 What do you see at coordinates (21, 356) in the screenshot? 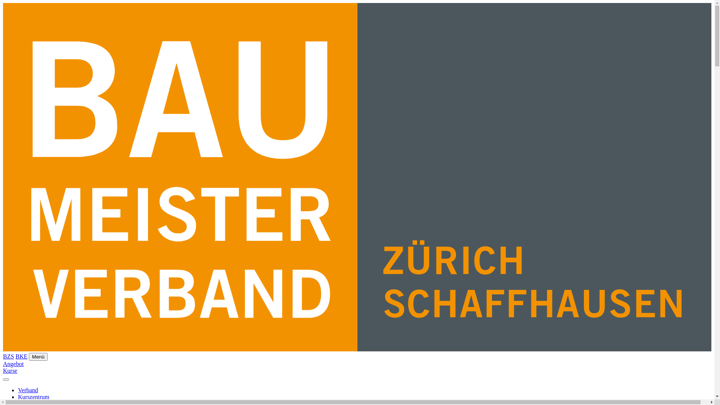
I see `'BKE'` at bounding box center [21, 356].